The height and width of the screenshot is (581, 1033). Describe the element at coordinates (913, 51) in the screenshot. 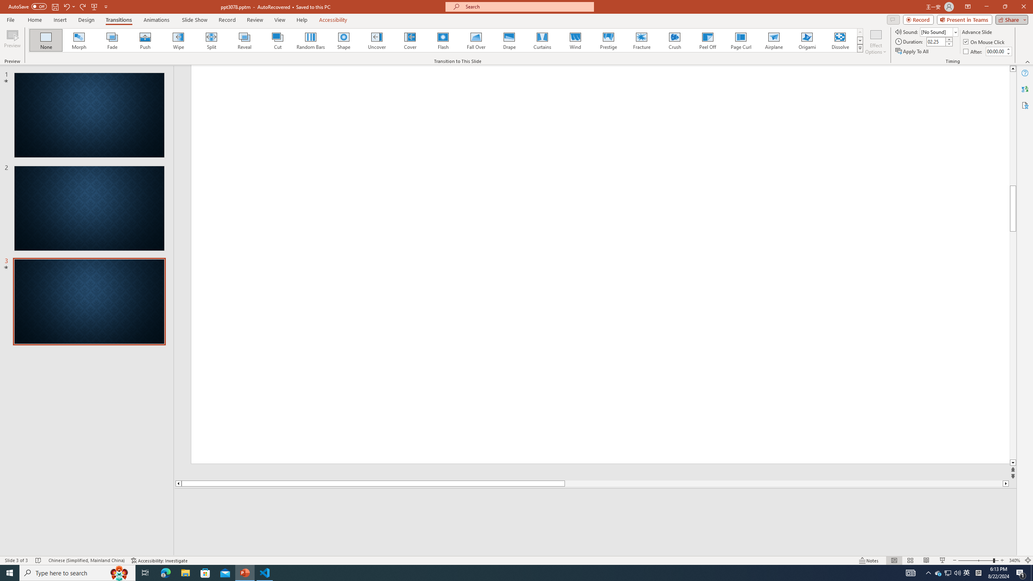

I see `'Apply To All'` at that location.